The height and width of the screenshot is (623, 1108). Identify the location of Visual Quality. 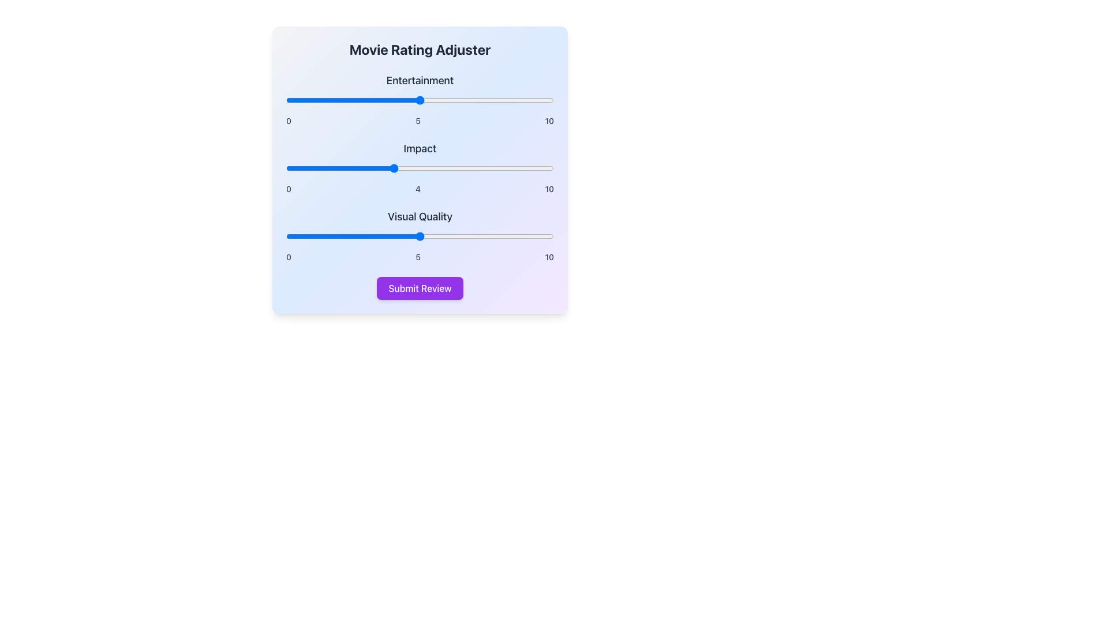
(446, 235).